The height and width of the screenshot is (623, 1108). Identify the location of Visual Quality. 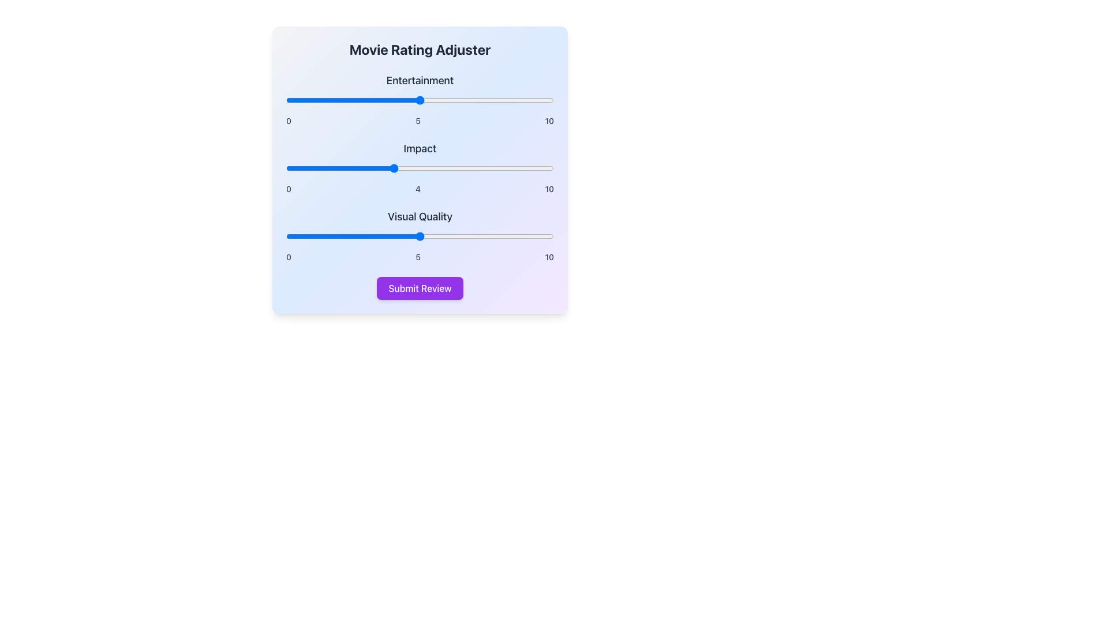
(446, 235).